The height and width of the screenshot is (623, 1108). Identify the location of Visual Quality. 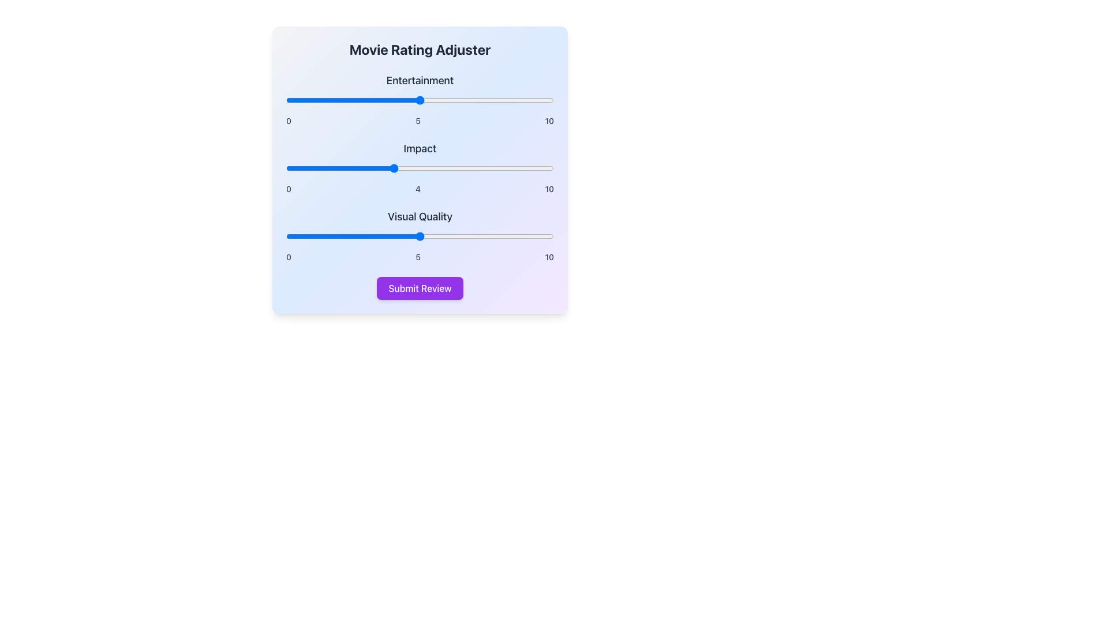
(446, 235).